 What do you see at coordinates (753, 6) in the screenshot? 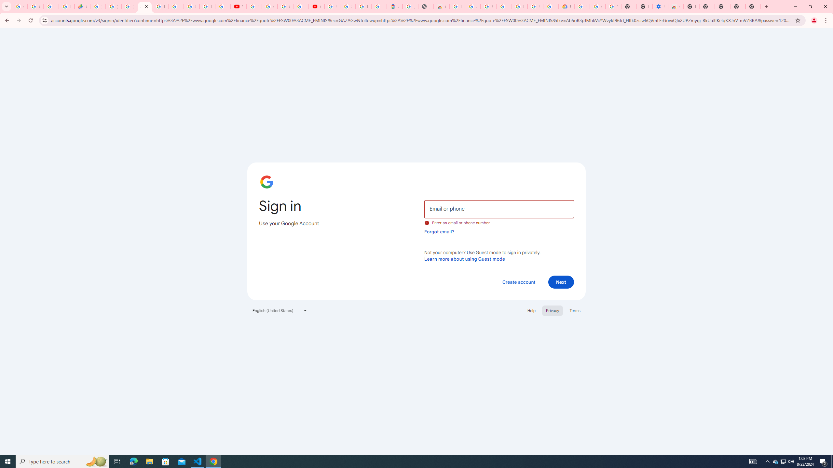
I see `'New Tab'` at bounding box center [753, 6].